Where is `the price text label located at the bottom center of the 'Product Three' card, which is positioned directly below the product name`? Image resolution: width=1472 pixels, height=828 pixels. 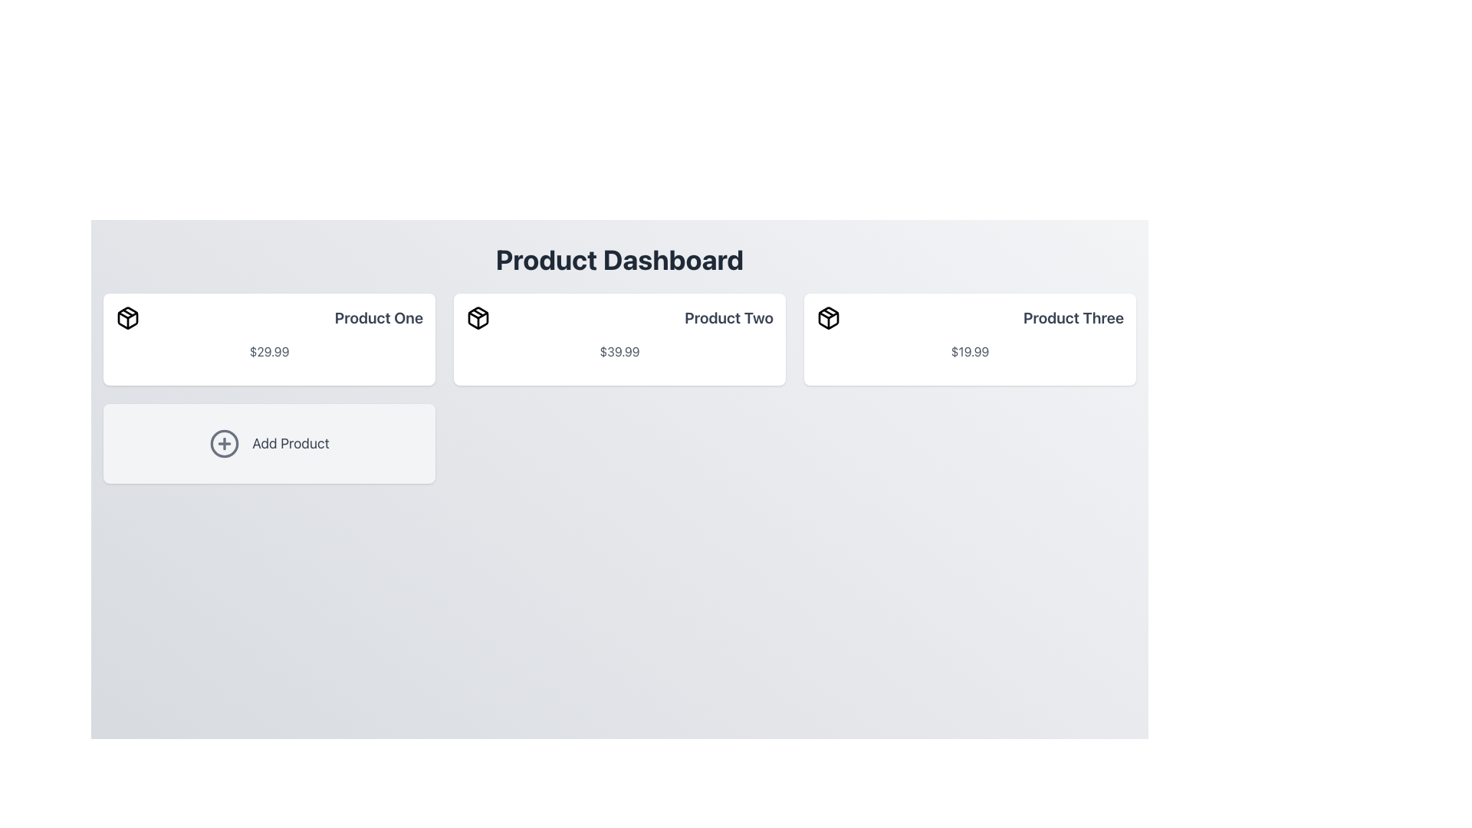 the price text label located at the bottom center of the 'Product Three' card, which is positioned directly below the product name is located at coordinates (969, 352).